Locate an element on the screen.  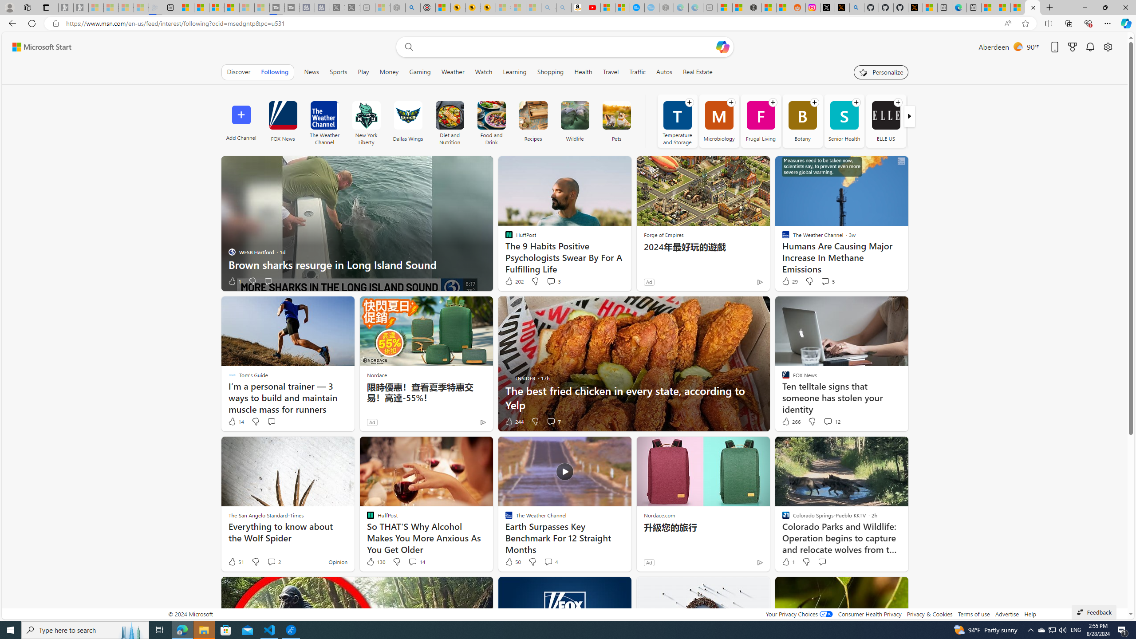
'Ad' is located at coordinates (648, 562).